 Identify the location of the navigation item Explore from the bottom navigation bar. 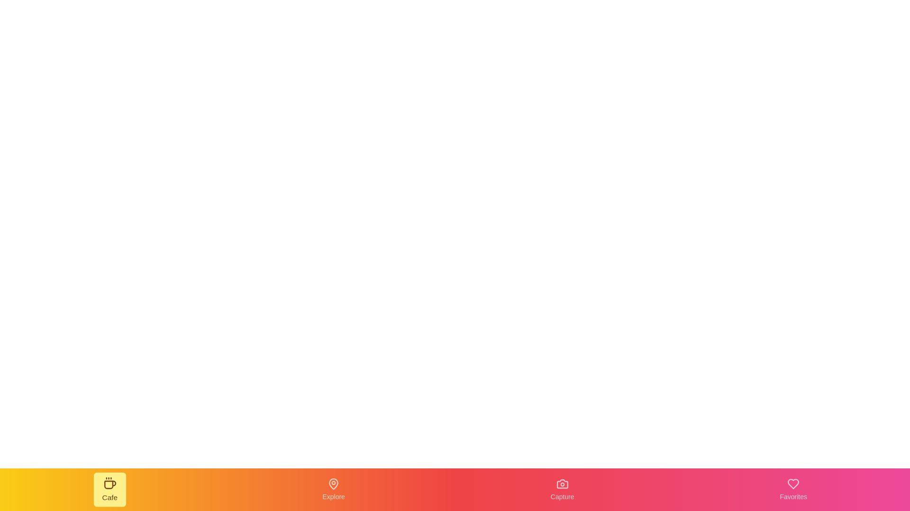
(334, 489).